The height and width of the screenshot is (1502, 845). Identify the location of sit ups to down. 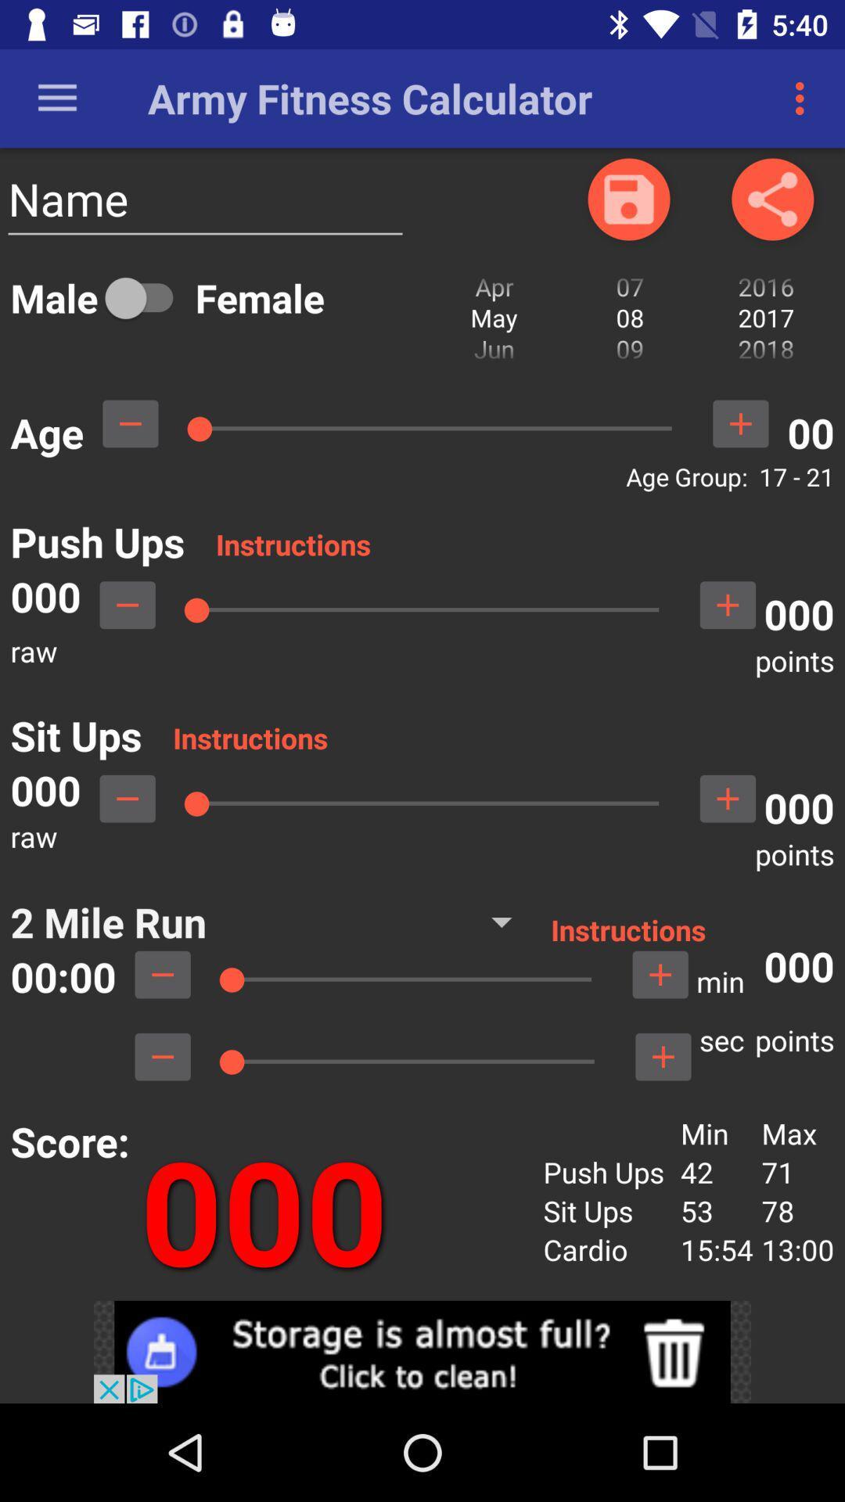
(127, 799).